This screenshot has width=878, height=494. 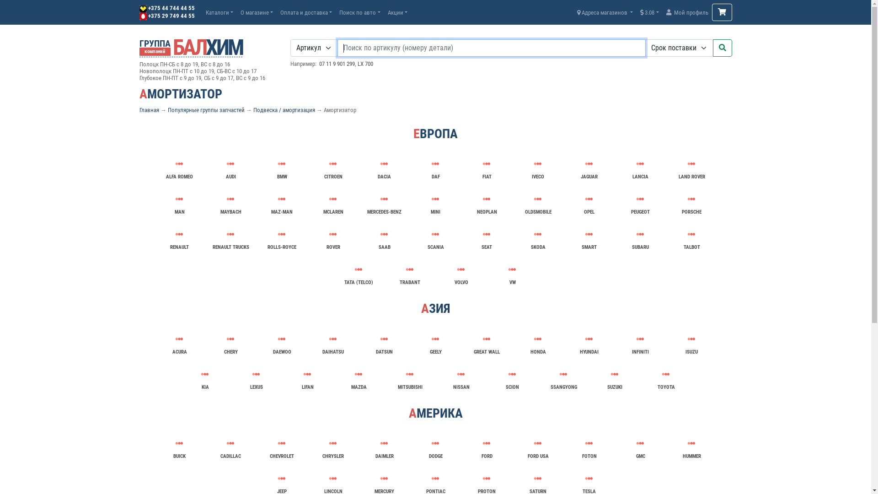 What do you see at coordinates (631, 199) in the screenshot?
I see `'PEUGEOT'` at bounding box center [631, 199].